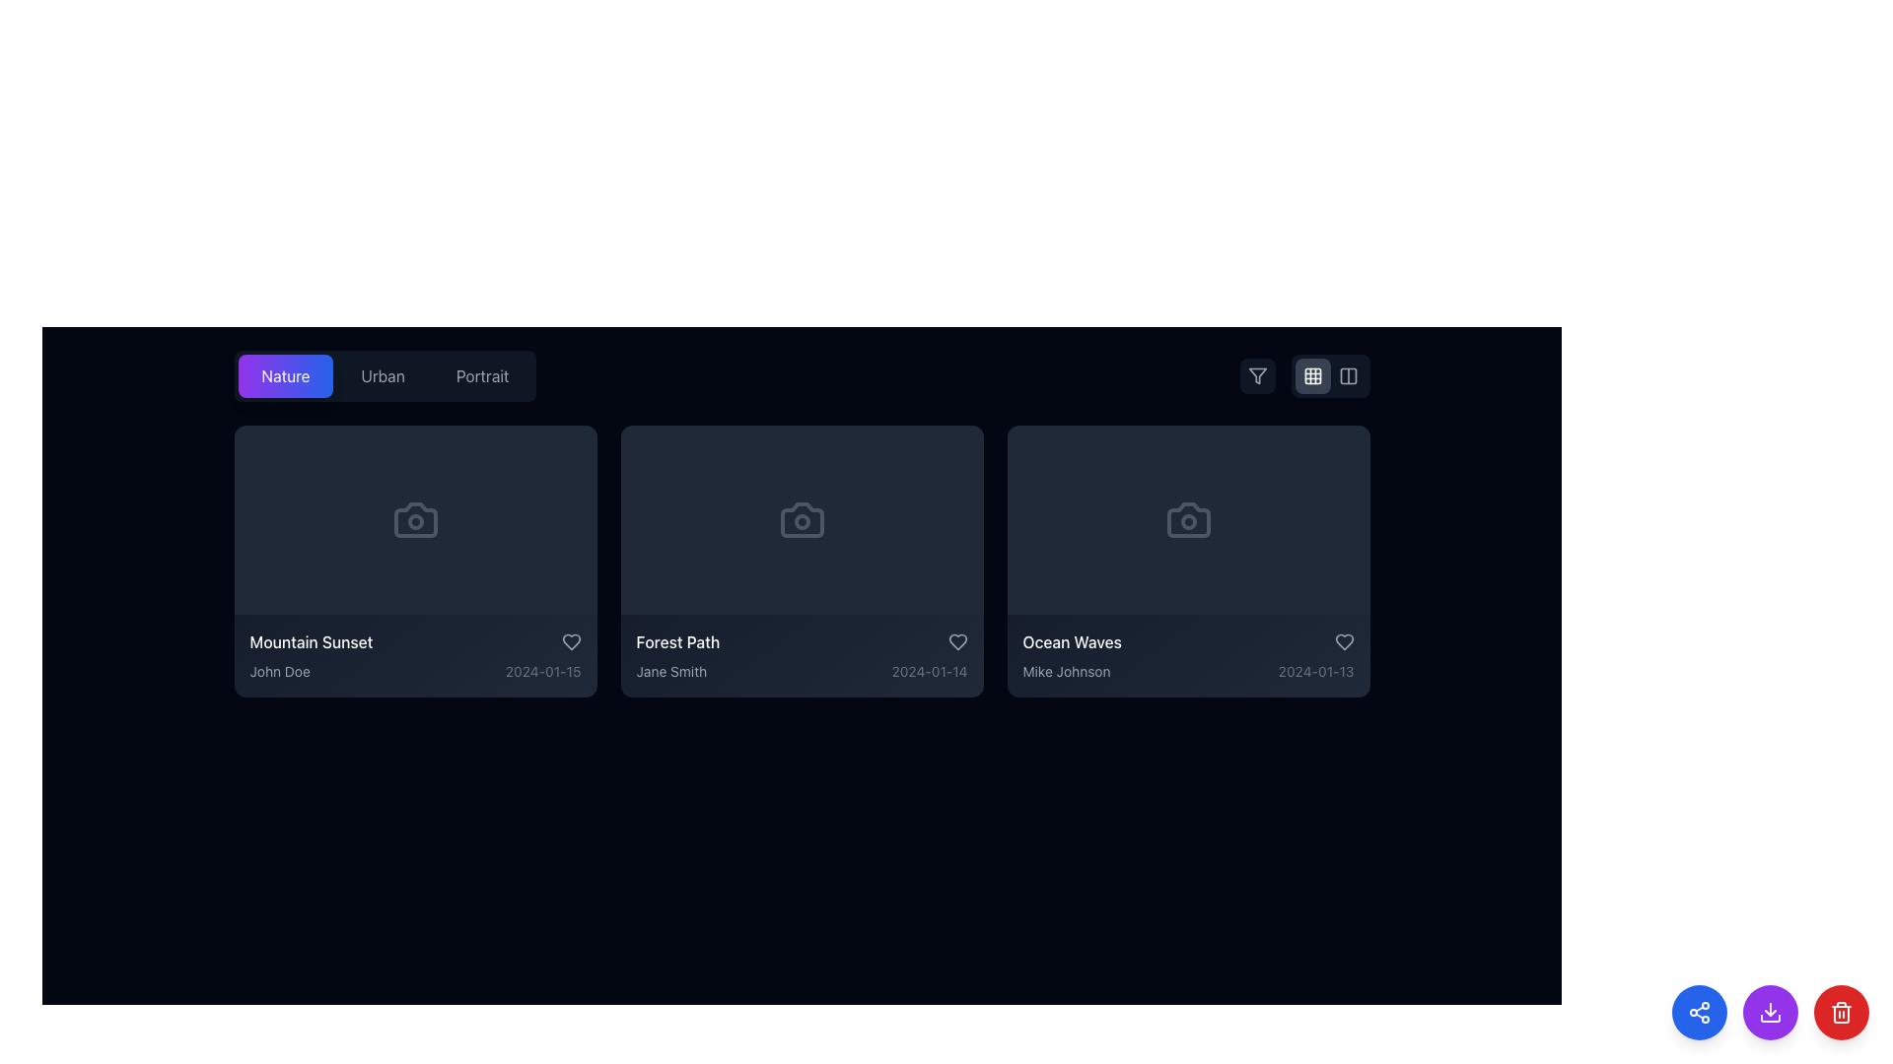  Describe the element at coordinates (1187, 519) in the screenshot. I see `the camera icon component located within the SVG element, which features a rectangular body with rounded corners and a circular lens, situated in the rightmost image card under the 'Nature' category` at that location.